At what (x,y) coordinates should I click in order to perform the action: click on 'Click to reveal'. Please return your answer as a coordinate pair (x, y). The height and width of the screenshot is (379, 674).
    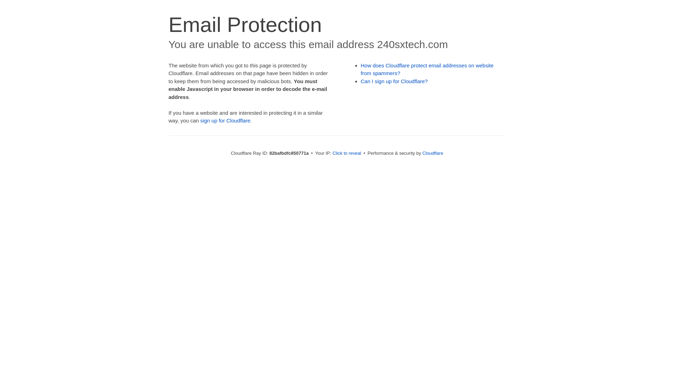
    Looking at the image, I should click on (347, 153).